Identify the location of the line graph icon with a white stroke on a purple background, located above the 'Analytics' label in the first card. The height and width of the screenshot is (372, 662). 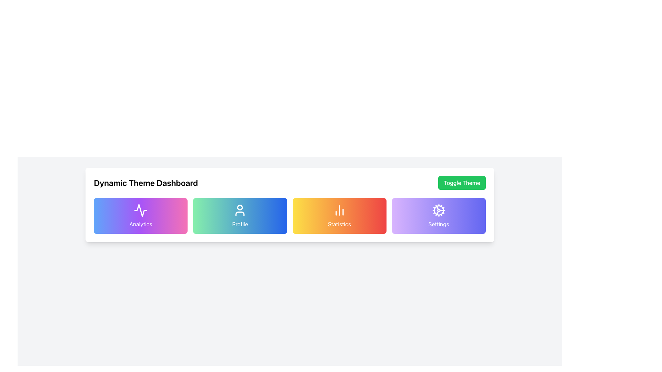
(140, 210).